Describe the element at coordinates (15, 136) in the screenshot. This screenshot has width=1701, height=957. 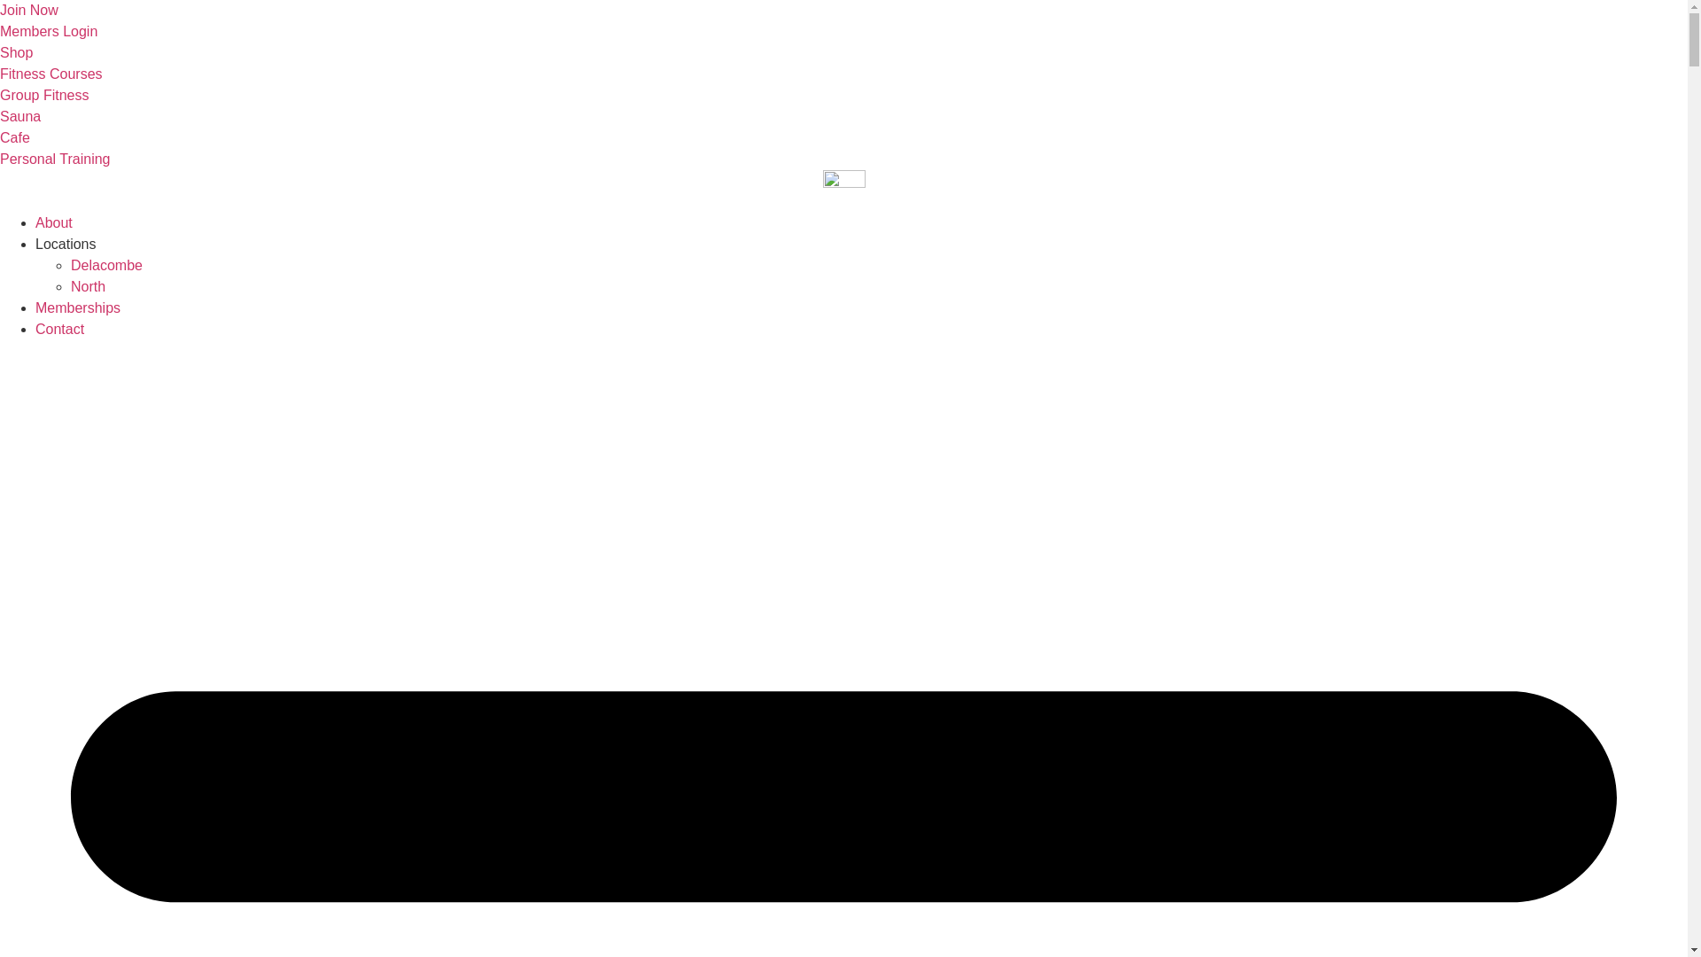
I see `'Cafe'` at that location.